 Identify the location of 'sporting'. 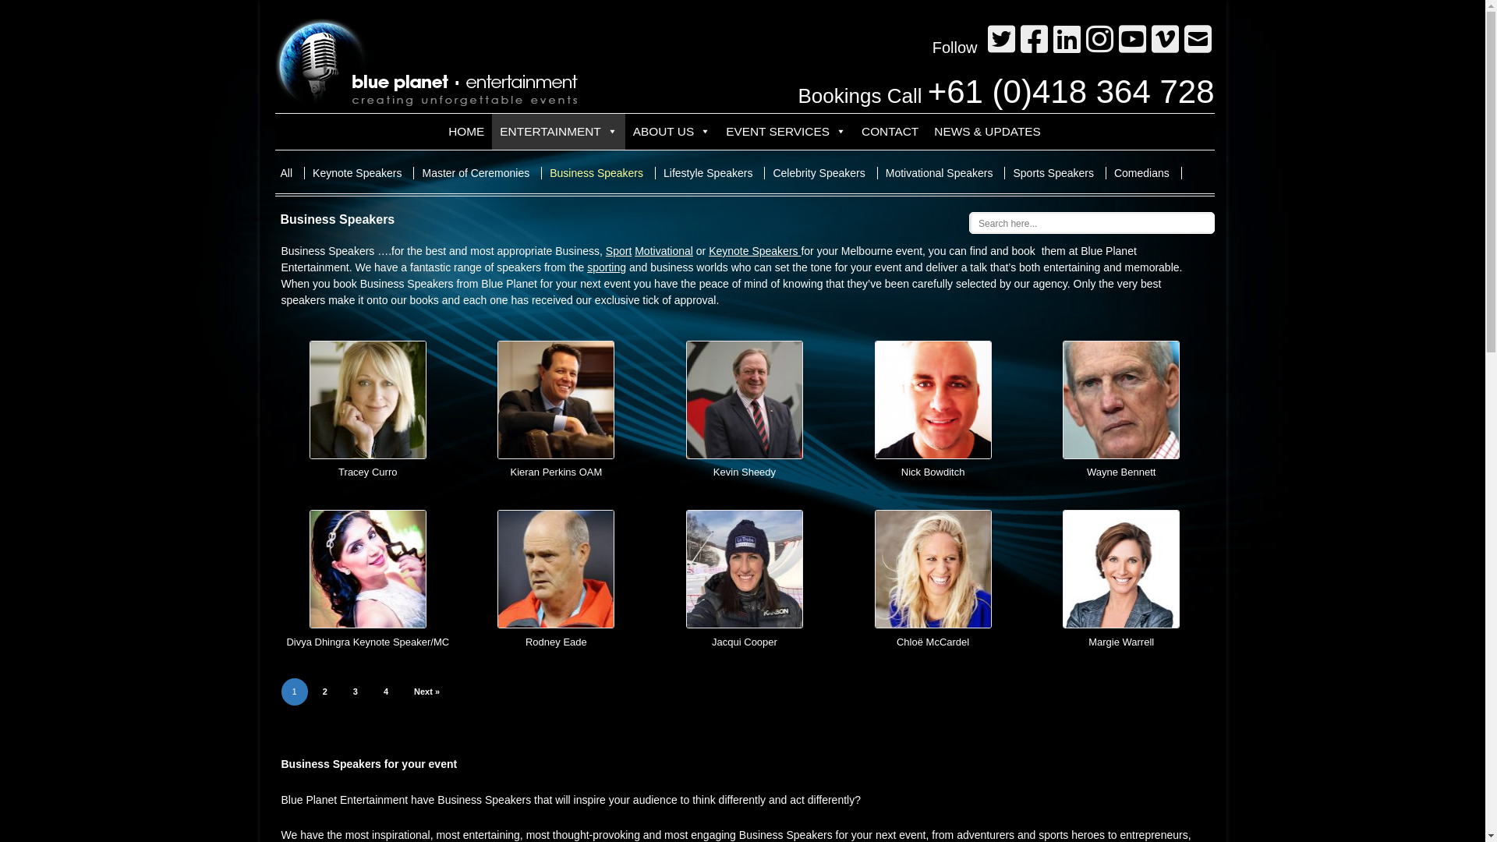
(586, 267).